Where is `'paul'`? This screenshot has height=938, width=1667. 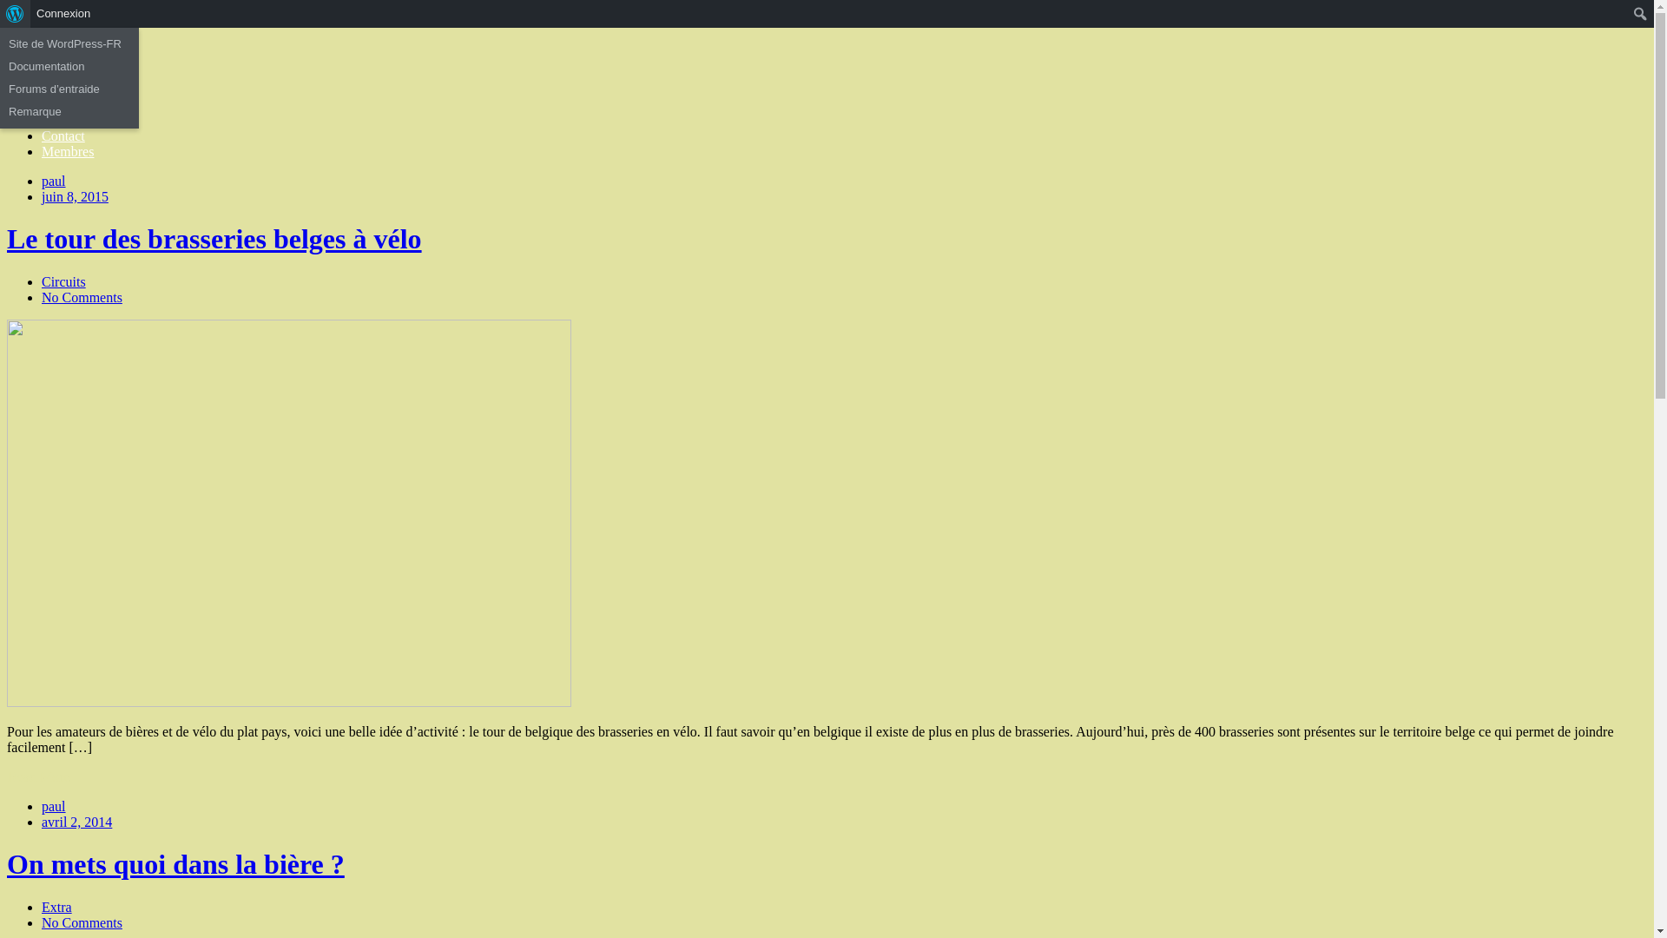 'paul' is located at coordinates (54, 806).